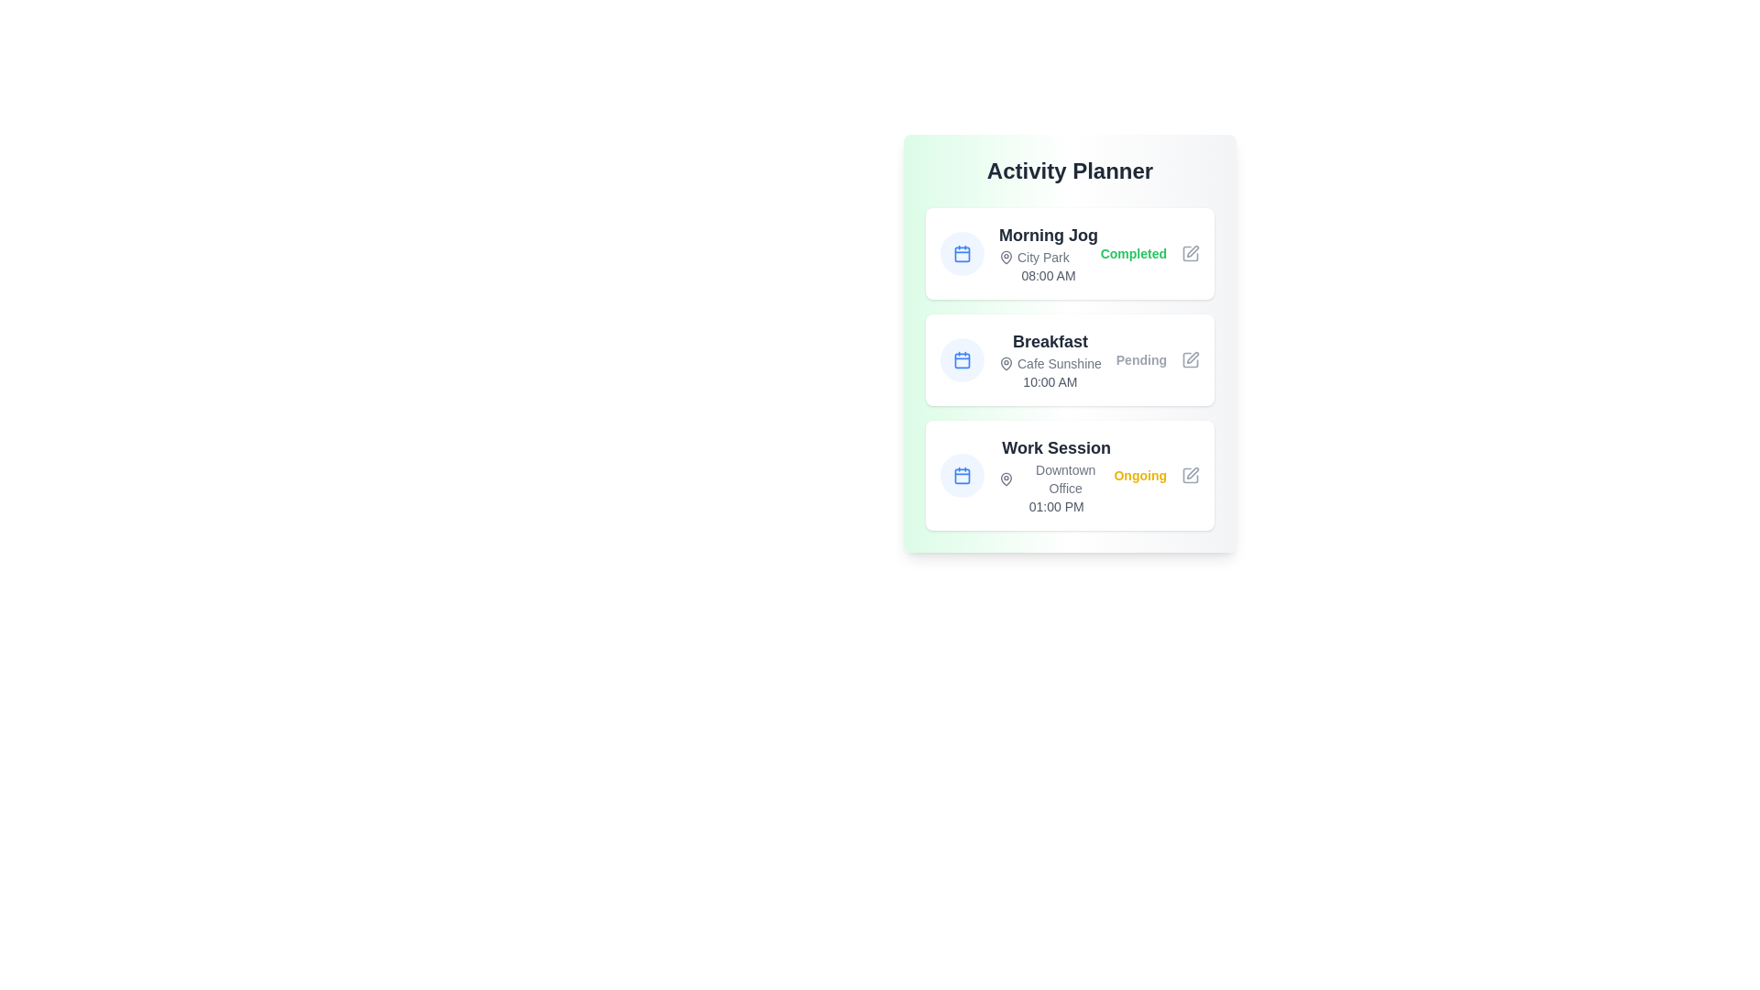 This screenshot has width=1760, height=990. Describe the element at coordinates (1070, 343) in the screenshot. I see `the status of tasks displayed in the stacked task cards, which include completed, pending, and ongoing tasks` at that location.